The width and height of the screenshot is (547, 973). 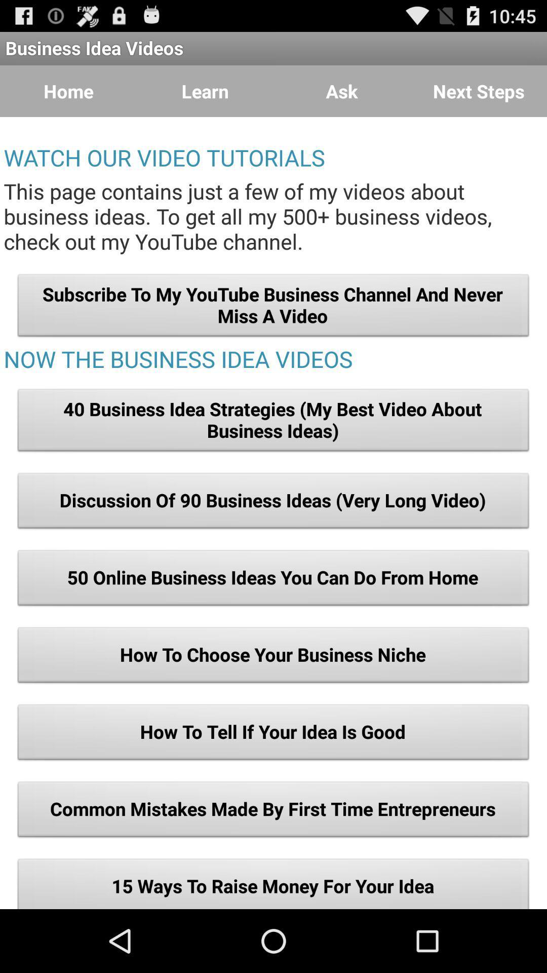 What do you see at coordinates (479, 91) in the screenshot?
I see `item at the top right corner` at bounding box center [479, 91].